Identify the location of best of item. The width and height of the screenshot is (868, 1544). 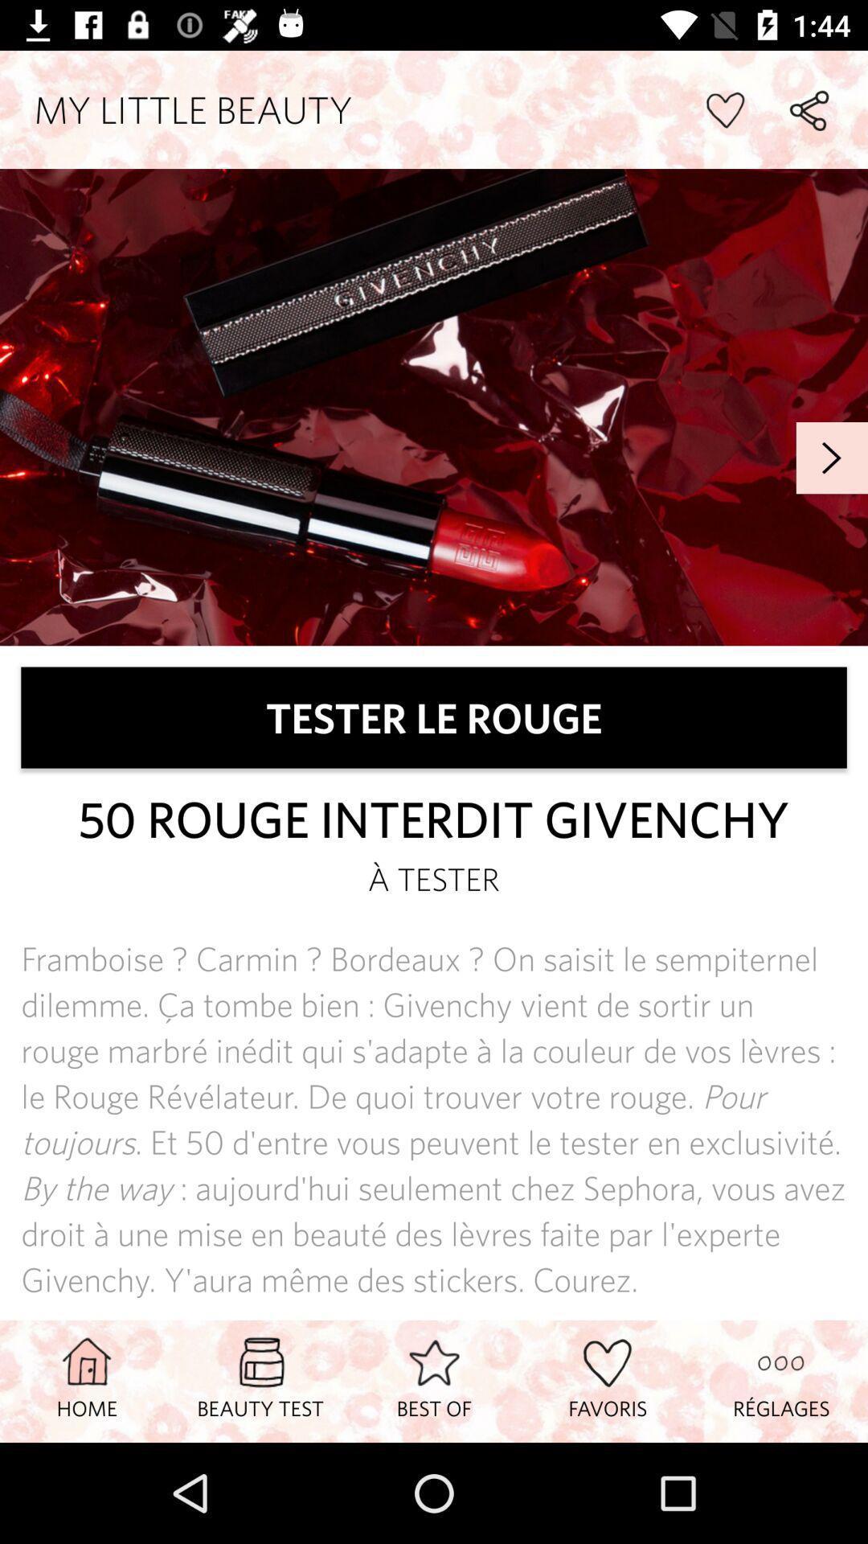
(434, 1380).